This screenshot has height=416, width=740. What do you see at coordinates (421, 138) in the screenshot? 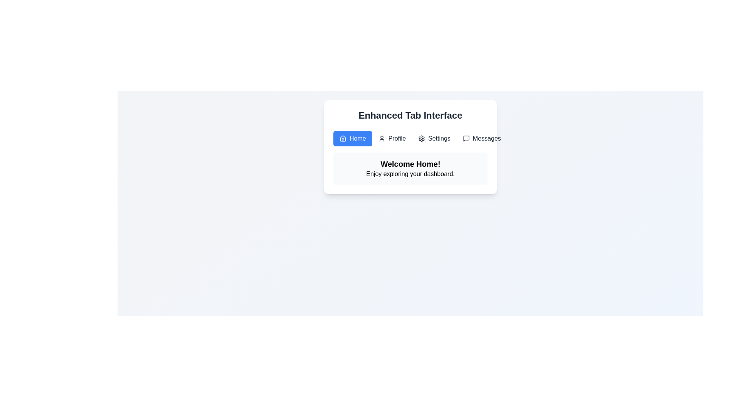
I see `the settings icon, which is a gear-shaped icon located in the navigation tab bar` at bounding box center [421, 138].